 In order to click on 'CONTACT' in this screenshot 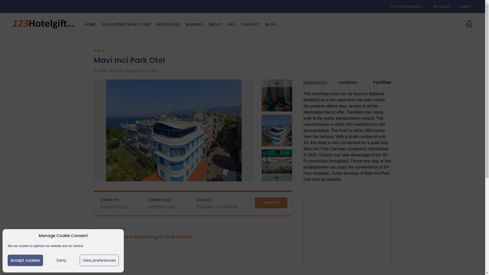, I will do `click(250, 24)`.